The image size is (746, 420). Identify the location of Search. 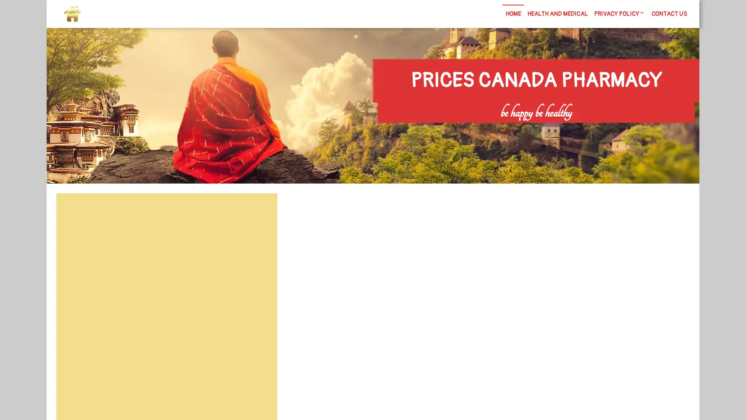
(259, 212).